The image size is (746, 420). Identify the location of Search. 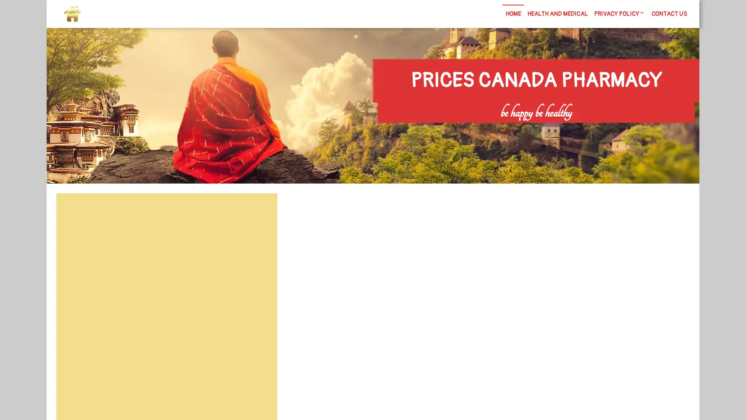
(259, 212).